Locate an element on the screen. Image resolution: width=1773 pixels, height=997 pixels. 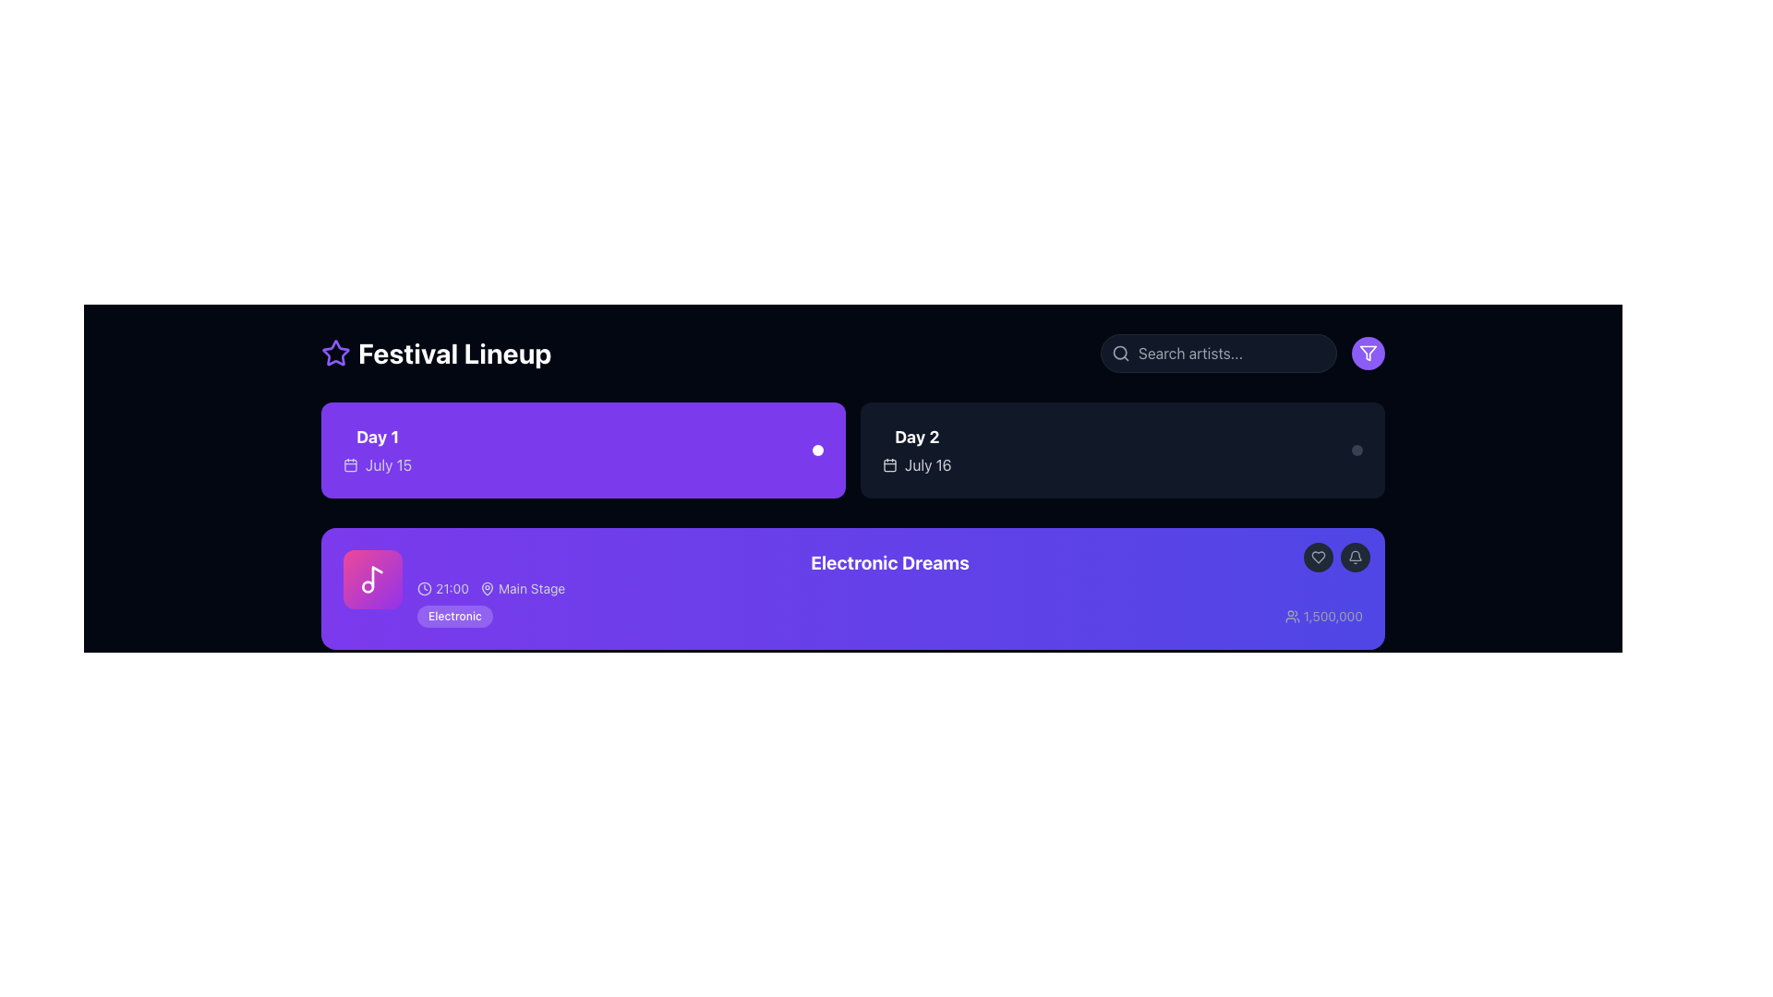
the Label with Icon that displays 'Main Stage' in white font on a purple background, located to the right of the clock icon showing '21:00' is located at coordinates (522, 588).